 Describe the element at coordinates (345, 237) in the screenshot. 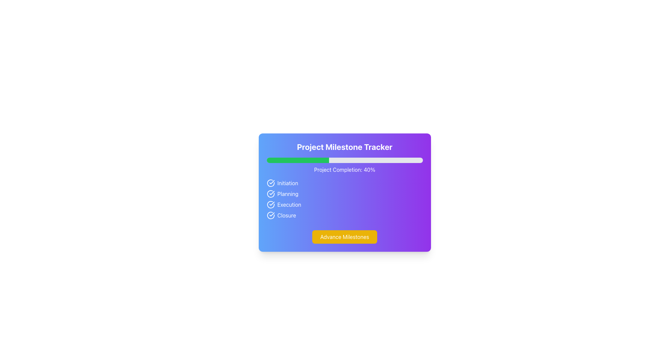

I see `the button labeled 'Advance Milestones' which has a vibrant yellow background and rounded edges to observe its hover effect` at that location.